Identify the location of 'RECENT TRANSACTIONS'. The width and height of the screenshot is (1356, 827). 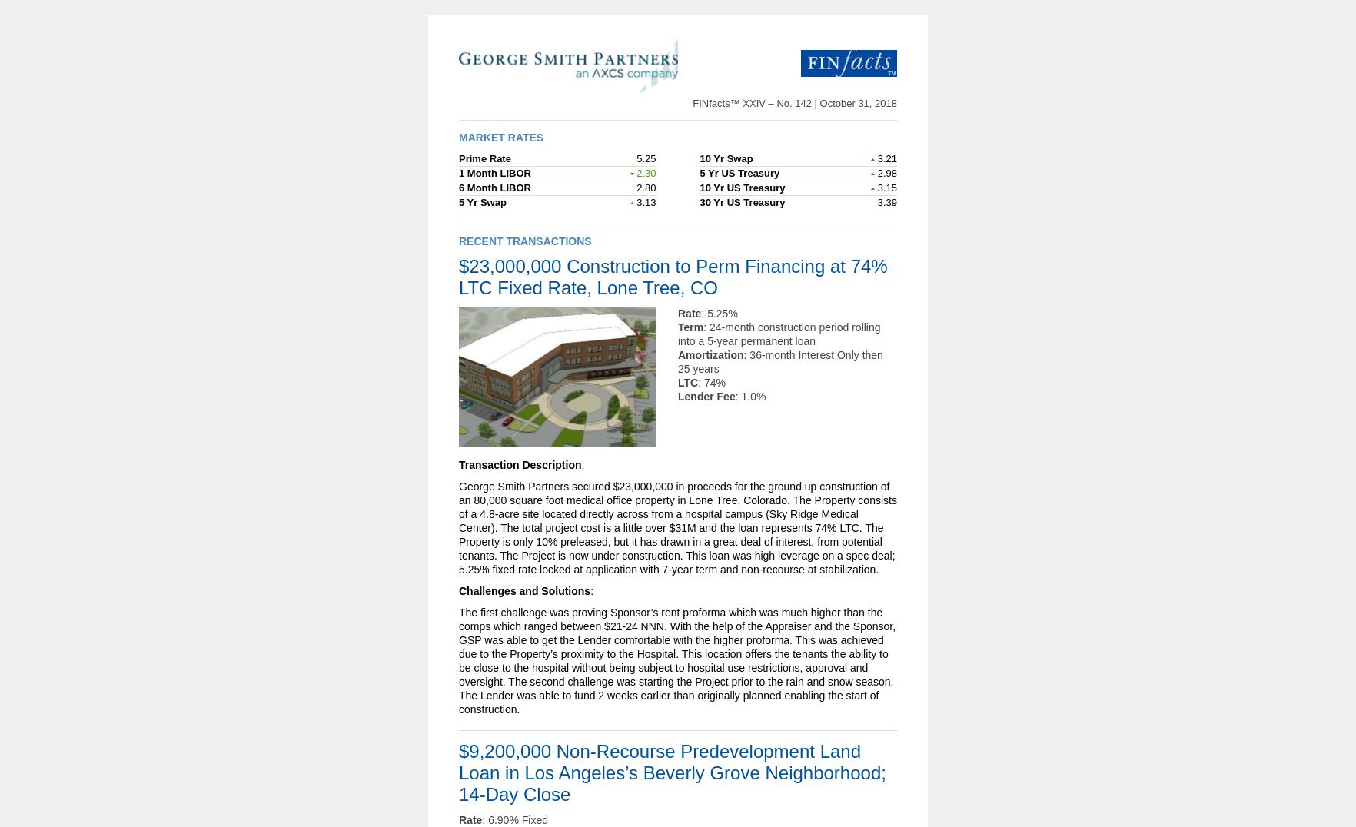
(525, 240).